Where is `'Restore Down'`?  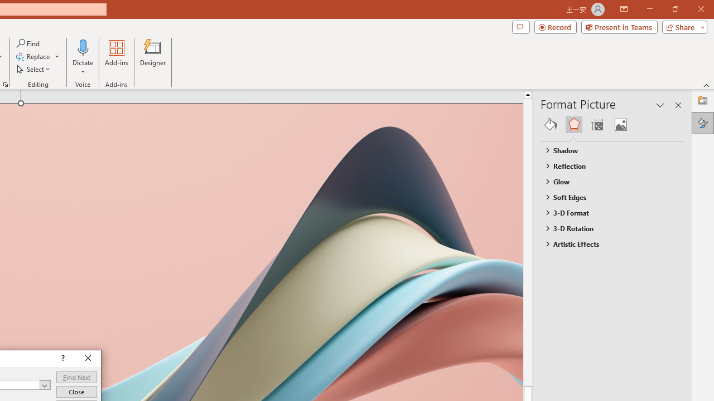 'Restore Down' is located at coordinates (674, 9).